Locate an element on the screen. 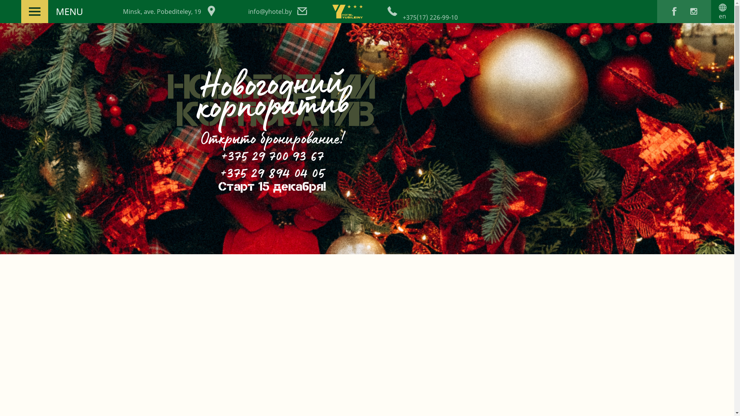 Image resolution: width=740 pixels, height=416 pixels. '+375(17) 226-99-10' is located at coordinates (430, 17).